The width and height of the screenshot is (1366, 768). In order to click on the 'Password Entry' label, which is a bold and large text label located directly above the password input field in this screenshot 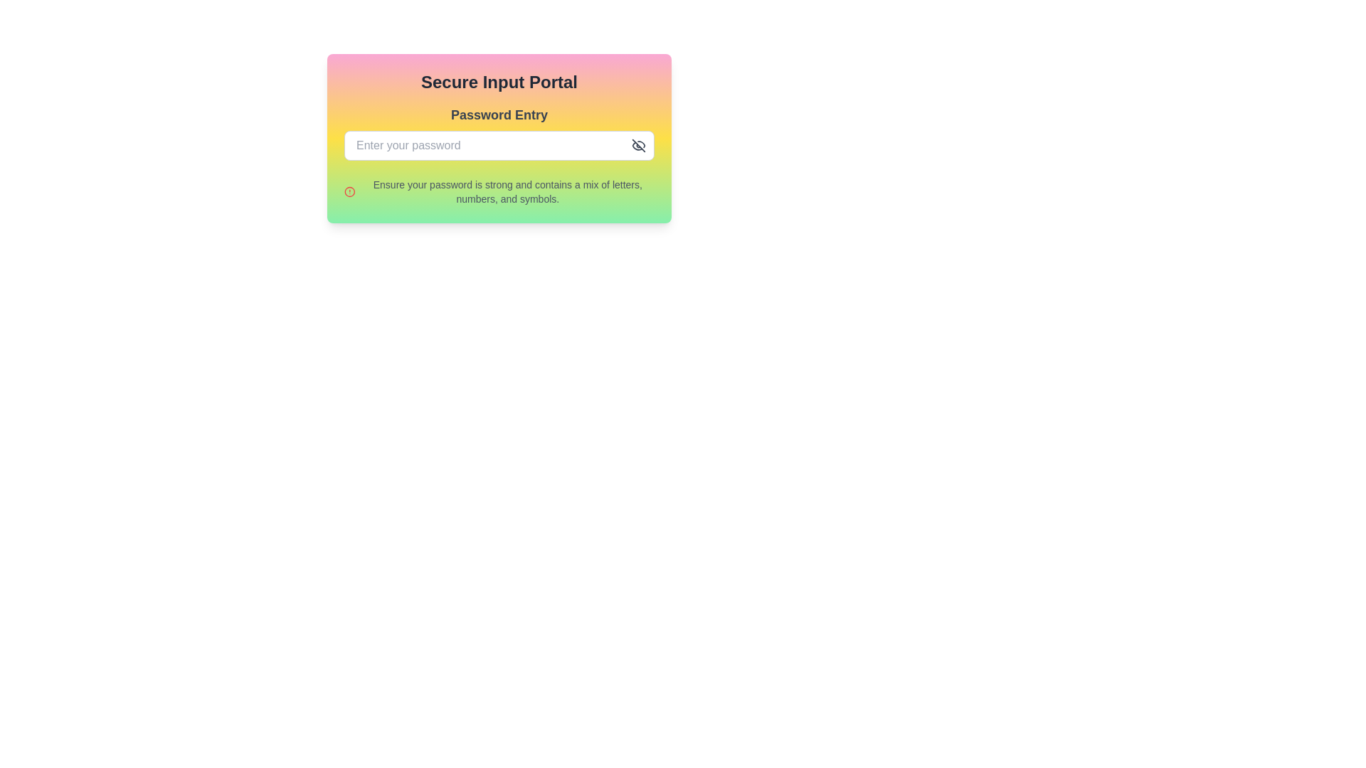, I will do `click(499, 114)`.